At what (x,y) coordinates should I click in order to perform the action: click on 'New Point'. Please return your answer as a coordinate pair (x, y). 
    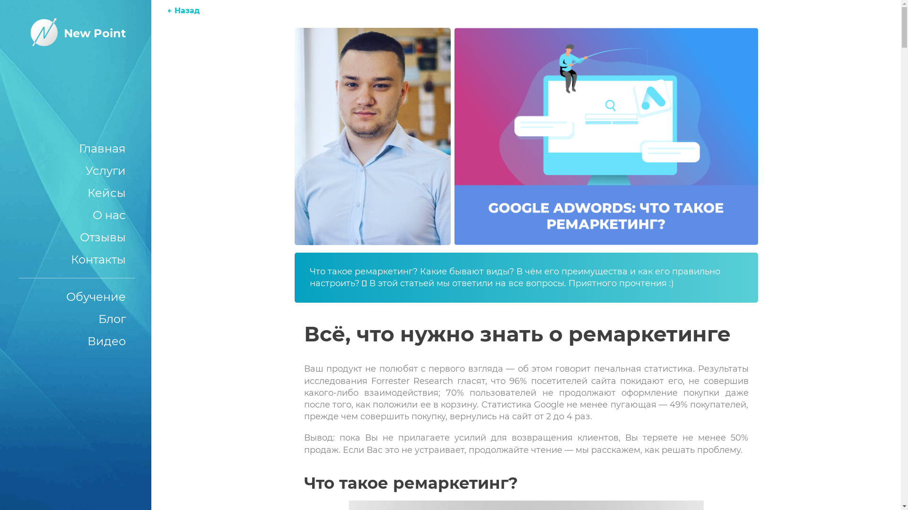
    Looking at the image, I should click on (75, 33).